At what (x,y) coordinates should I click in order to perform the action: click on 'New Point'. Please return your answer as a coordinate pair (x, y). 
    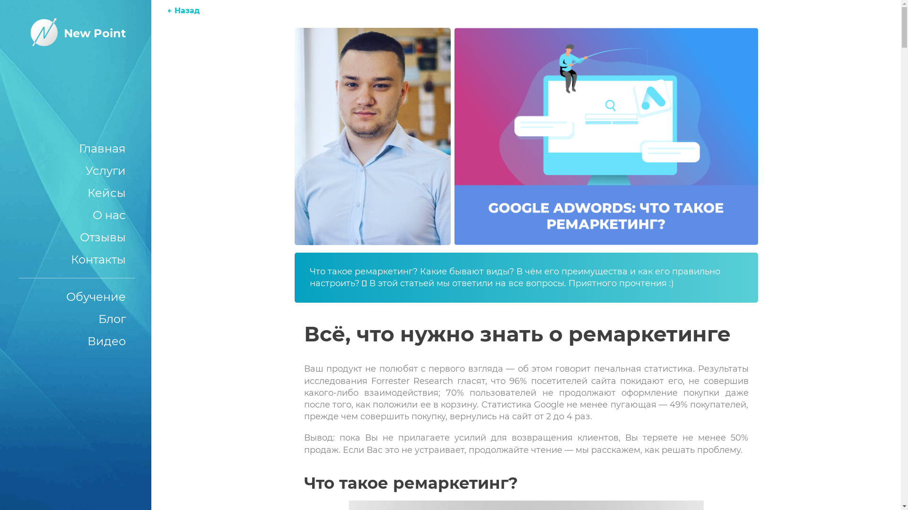
    Looking at the image, I should click on (75, 33).